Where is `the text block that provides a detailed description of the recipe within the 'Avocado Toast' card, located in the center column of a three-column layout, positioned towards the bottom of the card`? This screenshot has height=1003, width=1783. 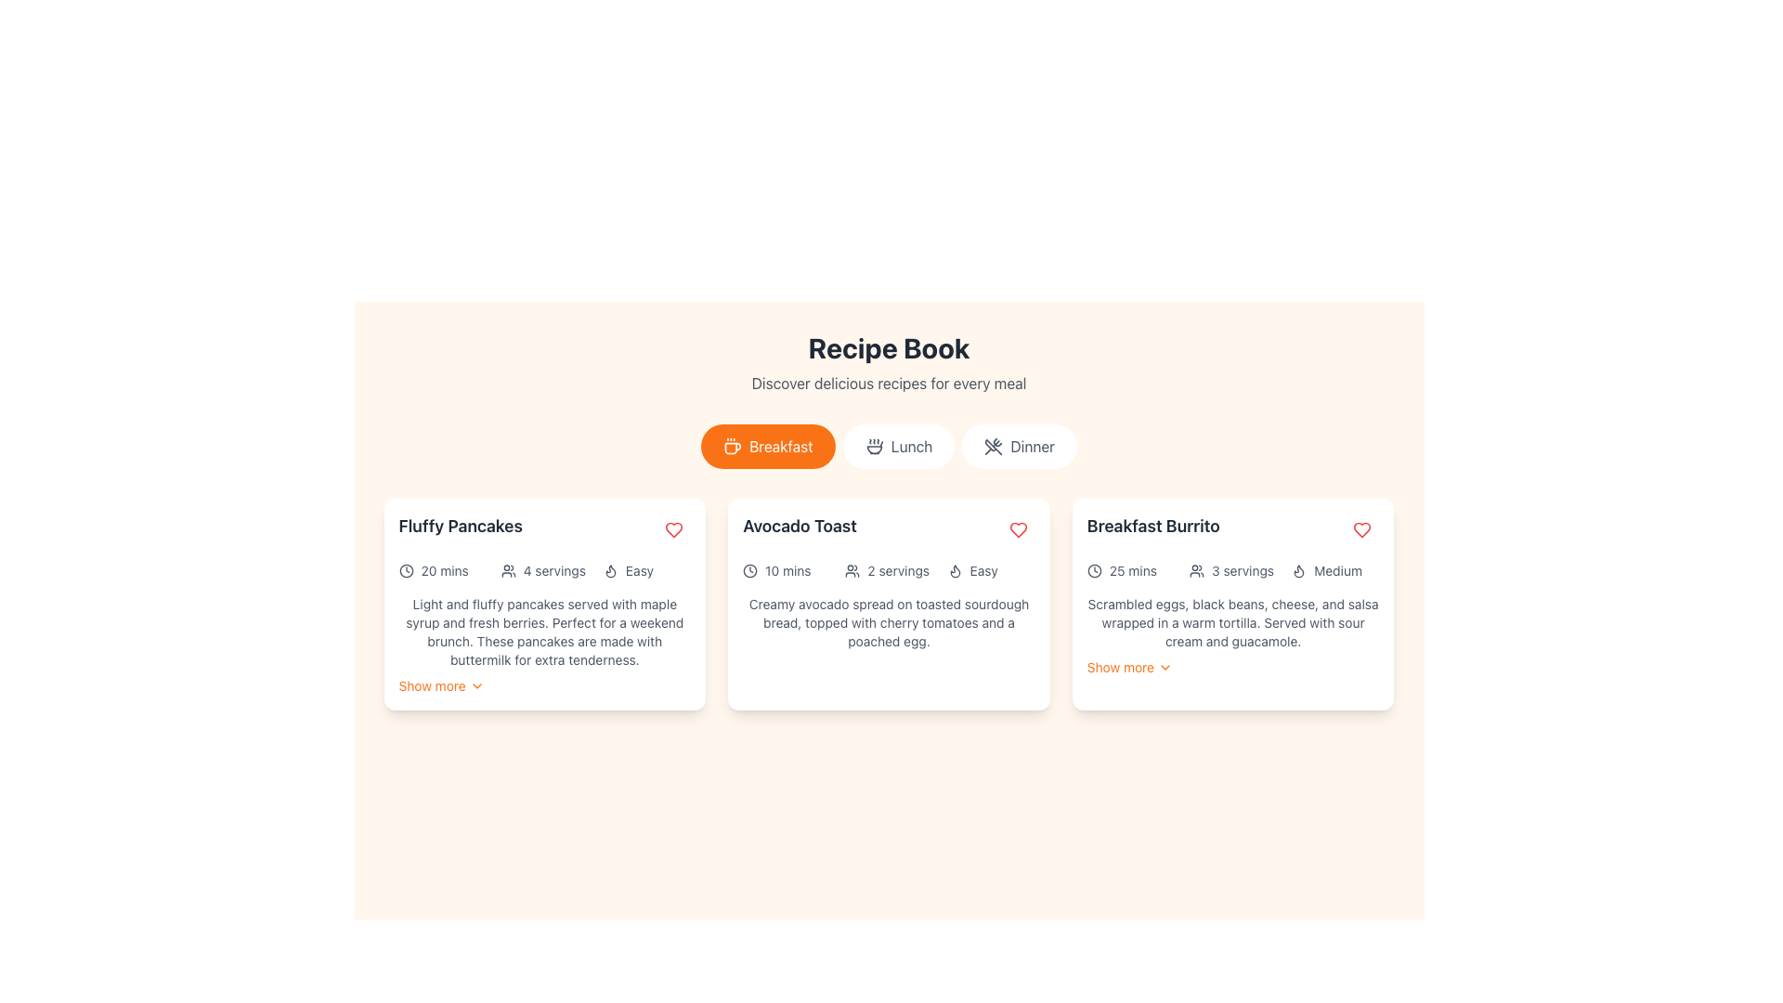 the text block that provides a detailed description of the recipe within the 'Avocado Toast' card, located in the center column of a three-column layout, positioned towards the bottom of the card is located at coordinates (888, 623).